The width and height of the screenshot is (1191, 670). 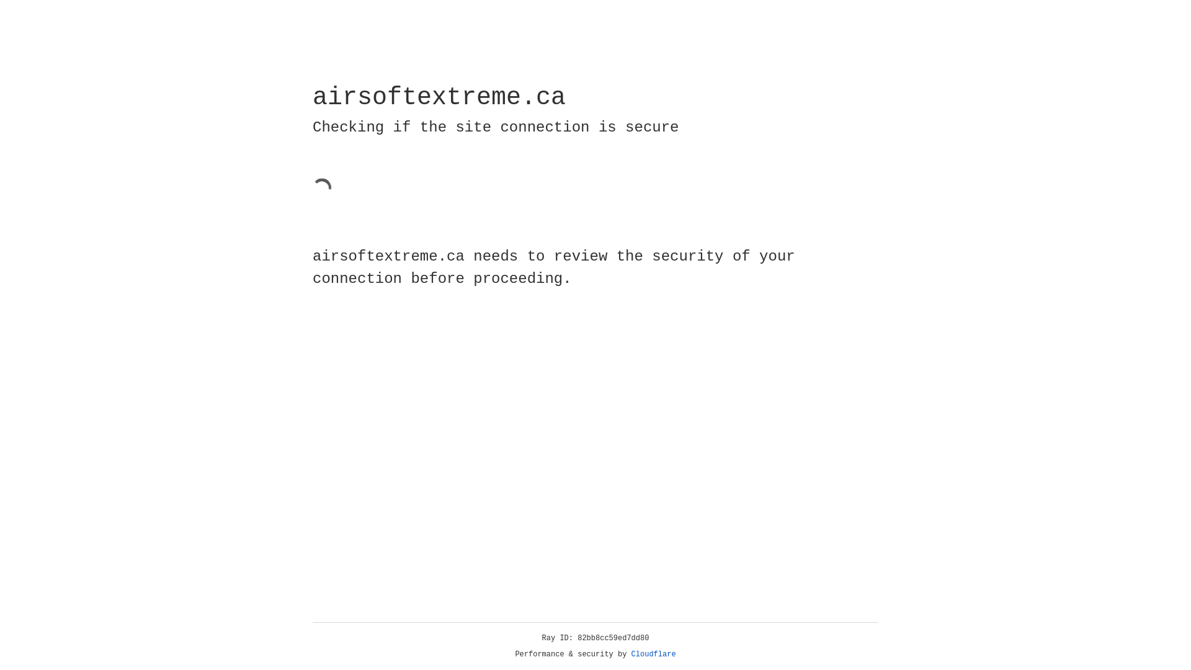 What do you see at coordinates (653, 654) in the screenshot?
I see `'Cloudflare'` at bounding box center [653, 654].